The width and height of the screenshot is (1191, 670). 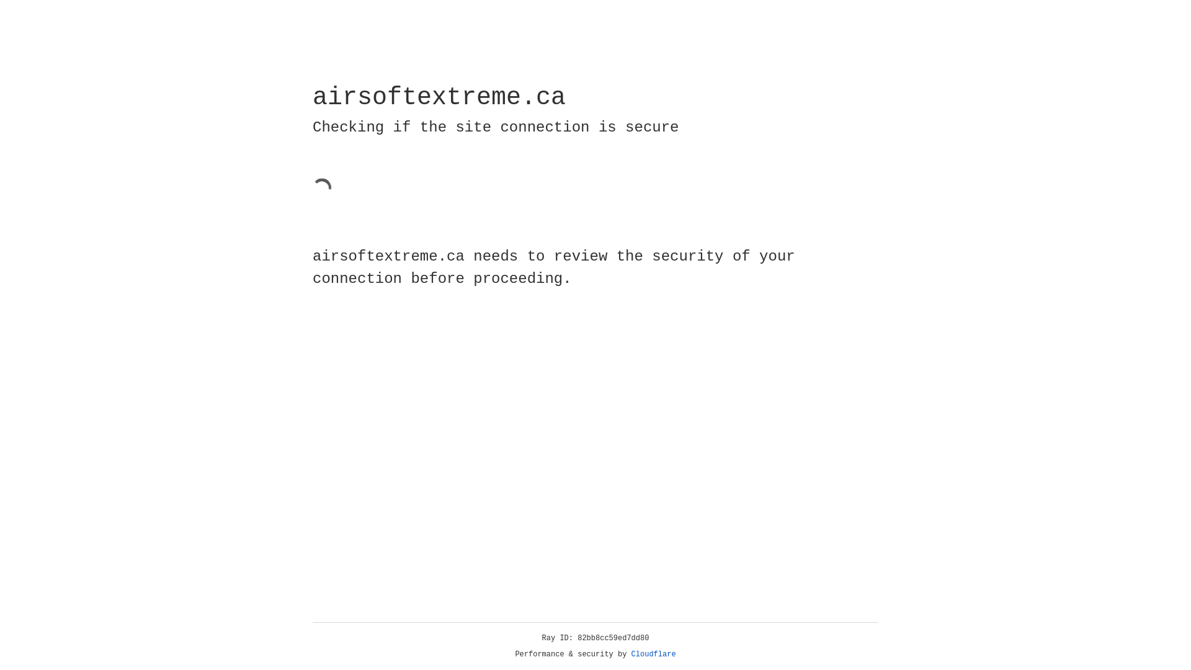 What do you see at coordinates (653, 654) in the screenshot?
I see `'Cloudflare'` at bounding box center [653, 654].